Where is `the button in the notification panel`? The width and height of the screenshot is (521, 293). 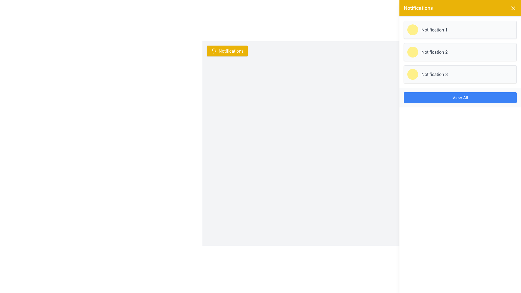 the button in the notification panel is located at coordinates (460, 97).